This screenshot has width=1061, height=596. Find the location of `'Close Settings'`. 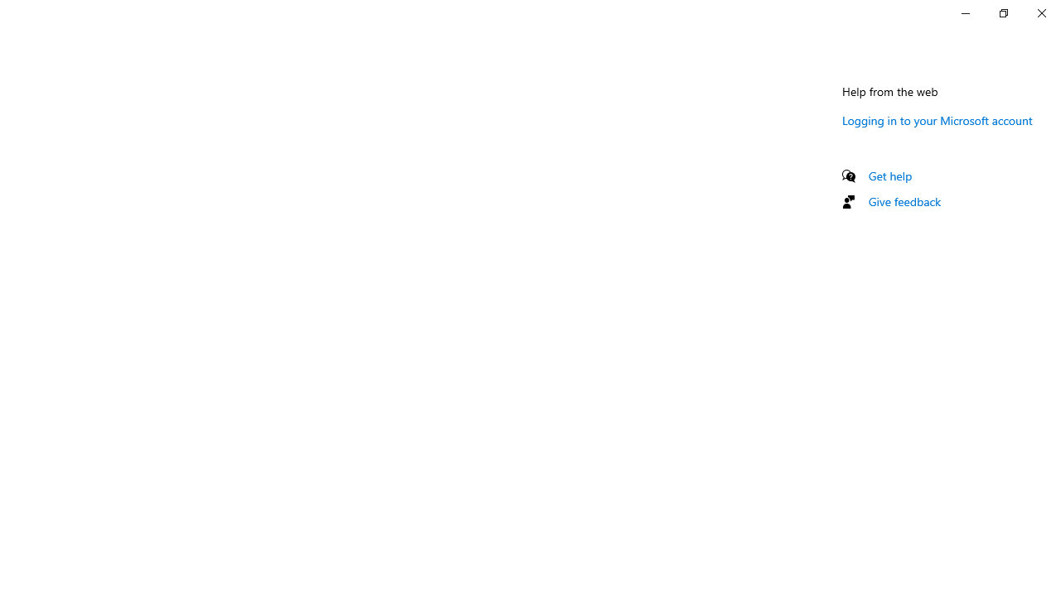

'Close Settings' is located at coordinates (1040, 12).